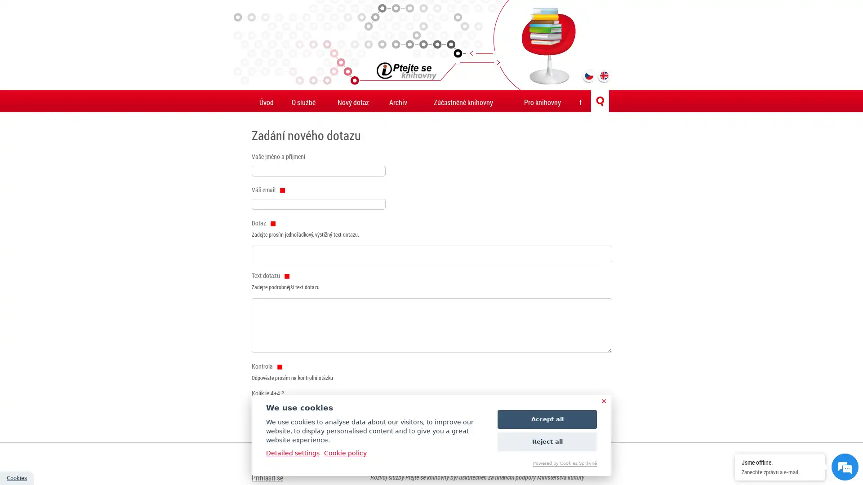  Describe the element at coordinates (547, 441) in the screenshot. I see `Reject all` at that location.